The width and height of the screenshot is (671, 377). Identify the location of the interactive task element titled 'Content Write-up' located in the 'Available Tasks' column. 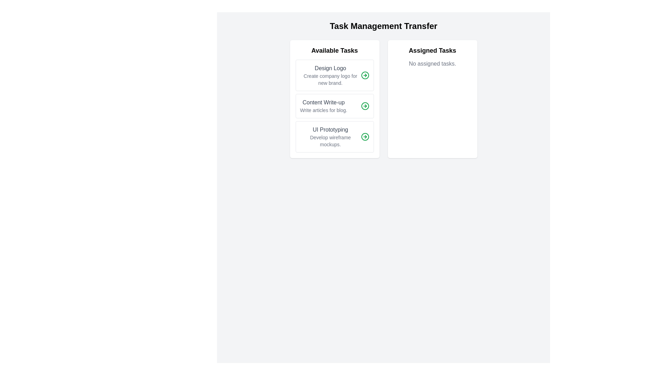
(334, 106).